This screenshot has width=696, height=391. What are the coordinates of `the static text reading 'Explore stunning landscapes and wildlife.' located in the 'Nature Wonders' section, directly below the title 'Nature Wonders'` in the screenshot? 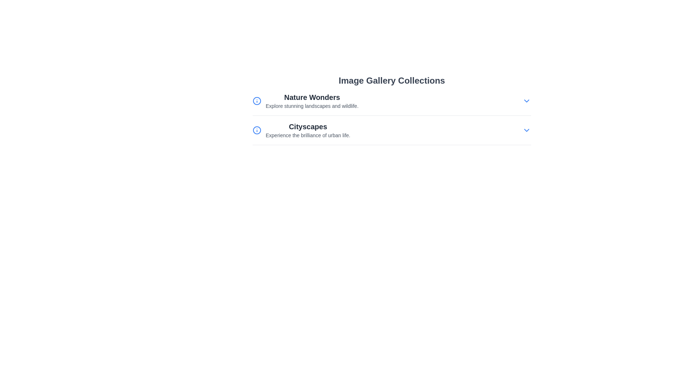 It's located at (312, 106).